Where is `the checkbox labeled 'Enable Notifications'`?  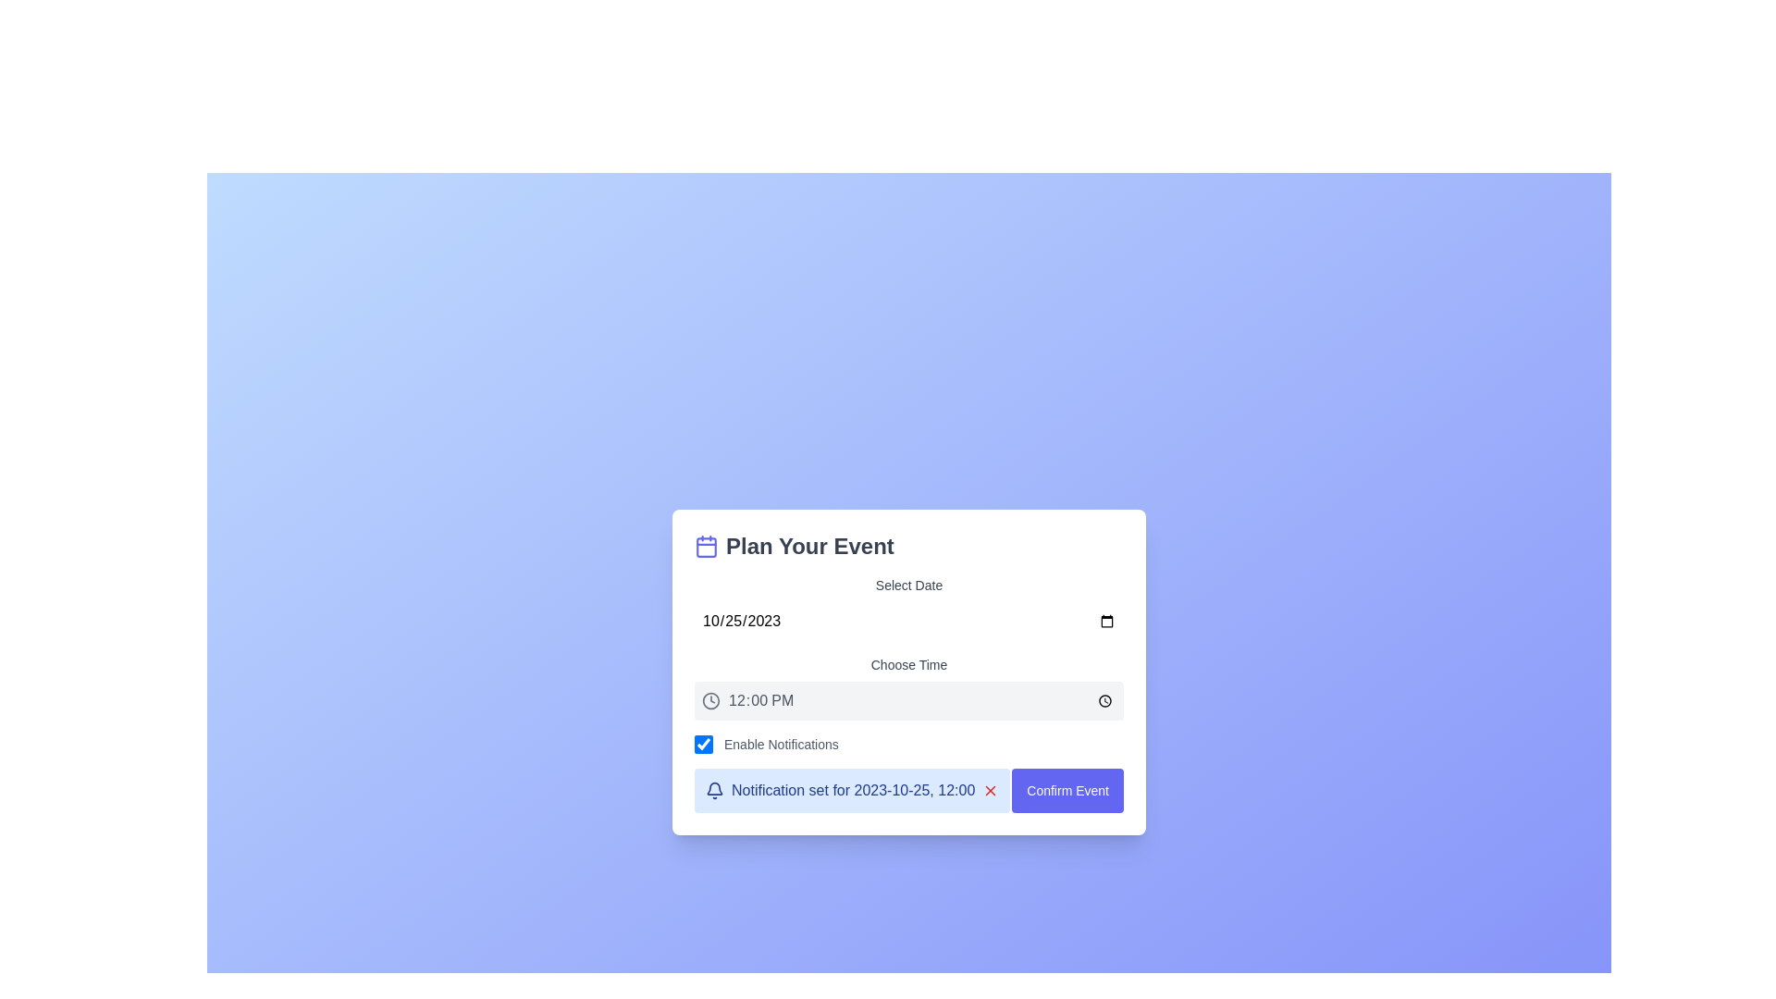
the checkbox labeled 'Enable Notifications' is located at coordinates (909, 744).